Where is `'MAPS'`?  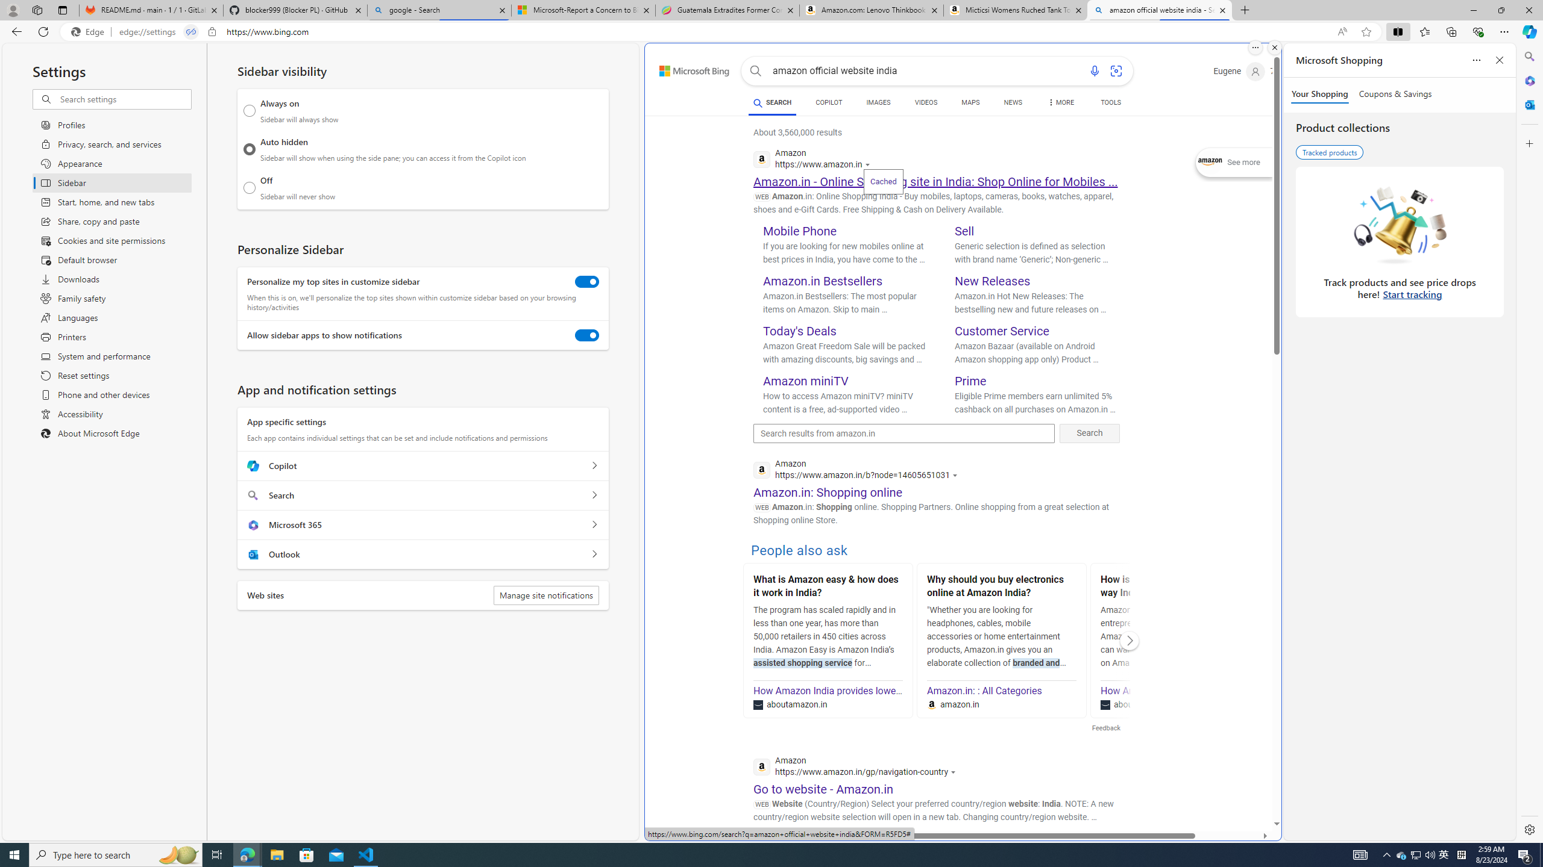
'MAPS' is located at coordinates (970, 104).